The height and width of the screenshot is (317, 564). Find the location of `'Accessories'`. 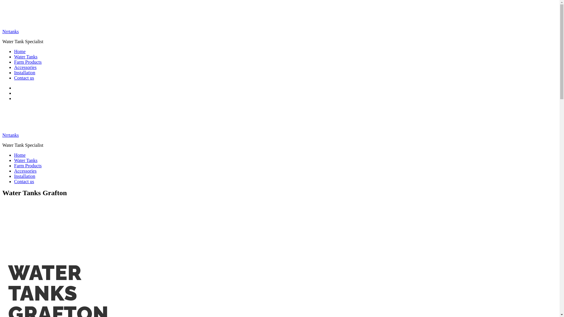

'Accessories' is located at coordinates (14, 67).